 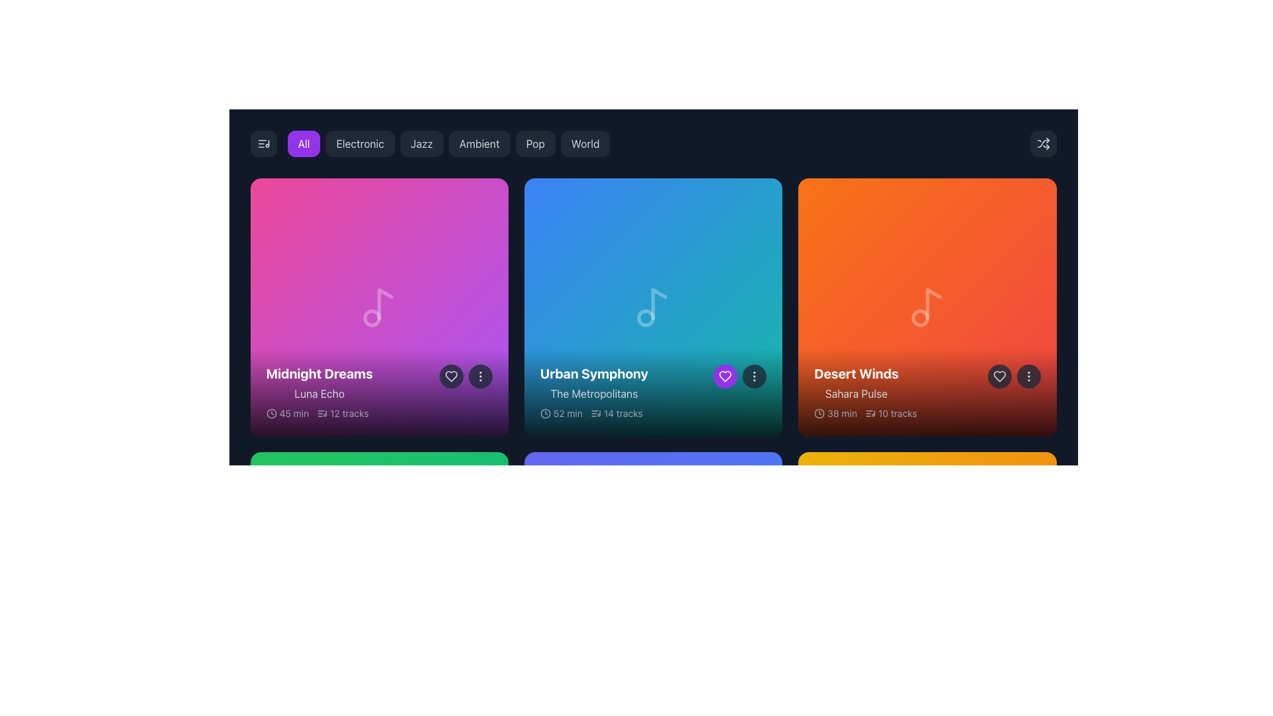 I want to click on the heart-shaped icon outlined in white to mark the item as a favorite within the 'Desert Winds' music card feature, so click(x=999, y=377).